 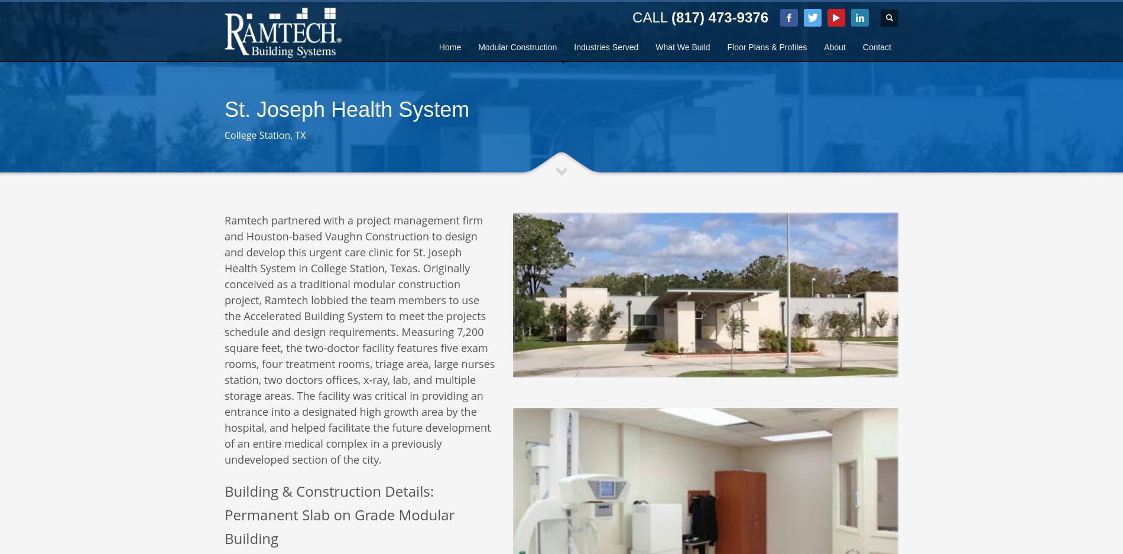 What do you see at coordinates (862, 47) in the screenshot?
I see `'Contact'` at bounding box center [862, 47].